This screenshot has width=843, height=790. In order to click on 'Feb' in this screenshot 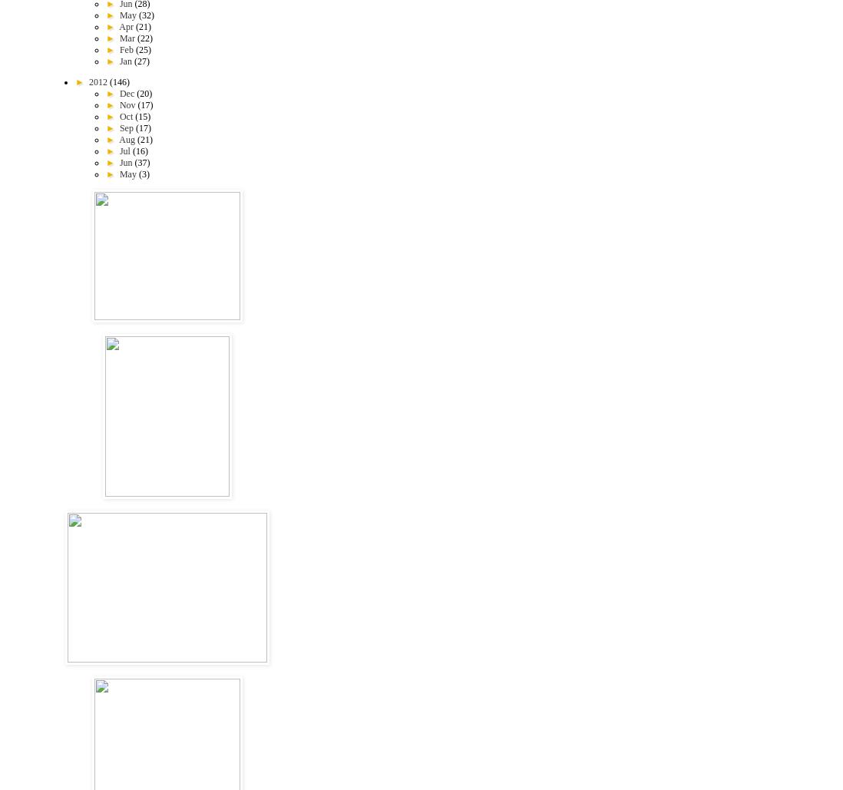, I will do `click(127, 50)`.